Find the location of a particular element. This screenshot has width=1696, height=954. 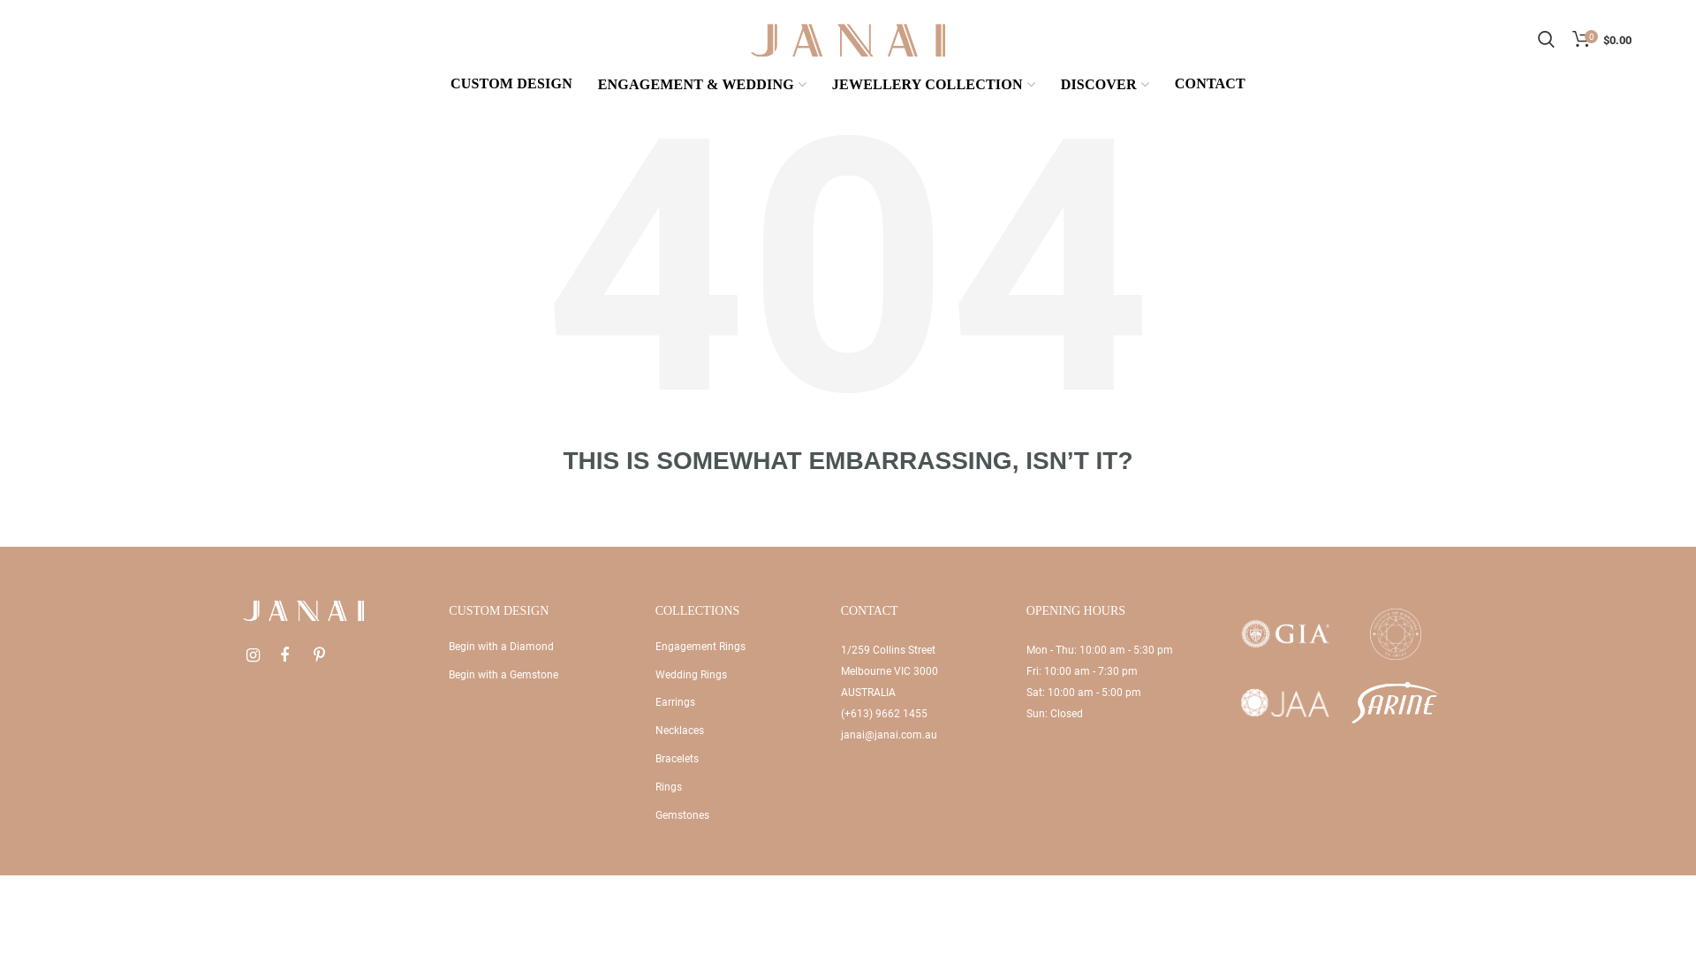

'Engagement Rings' is located at coordinates (699, 647).